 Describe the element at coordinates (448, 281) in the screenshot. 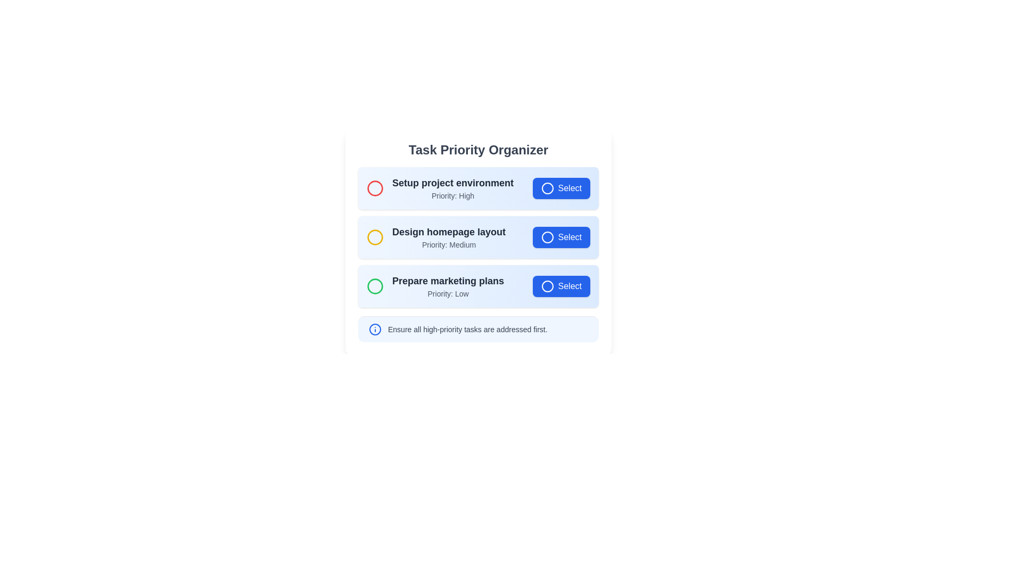

I see `the main text label that identifies the specific task within the third list item of the vertical task priority organizer interface` at that location.